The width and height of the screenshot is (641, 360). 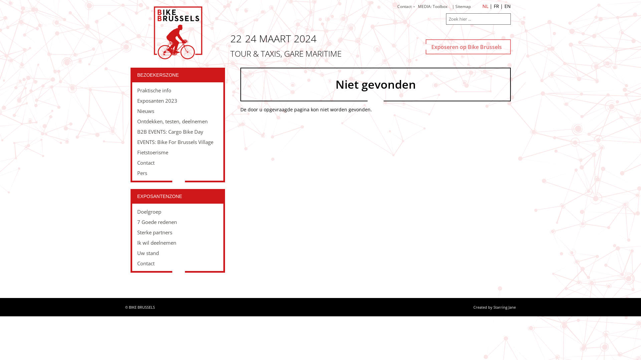 I want to click on 'Sterke partners', so click(x=132, y=232).